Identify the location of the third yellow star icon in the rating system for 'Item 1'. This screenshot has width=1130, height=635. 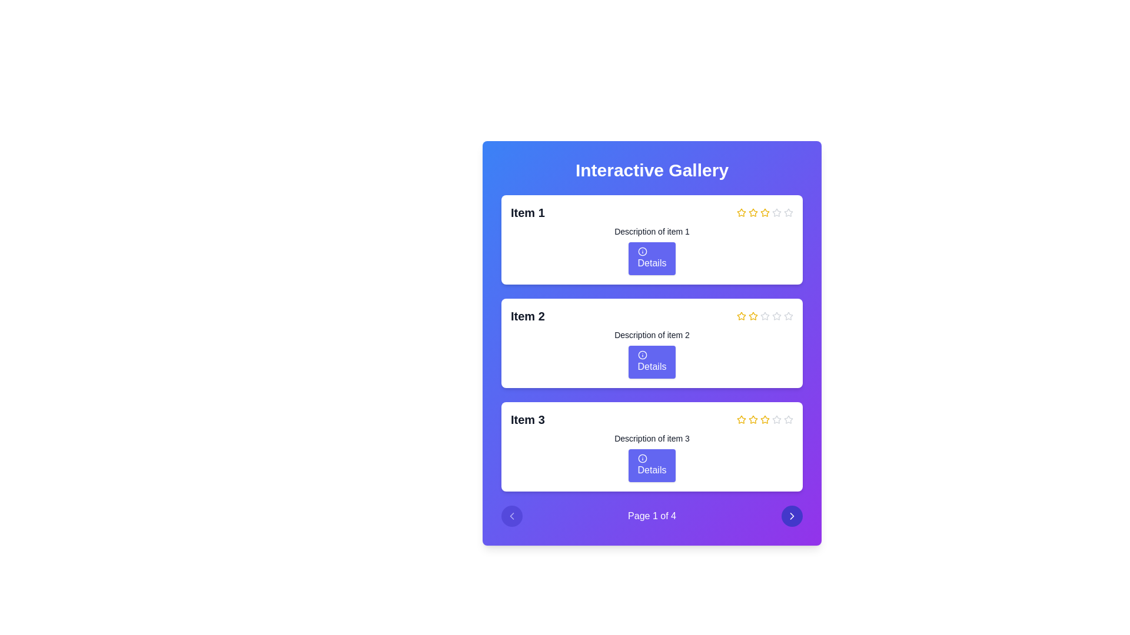
(765, 213).